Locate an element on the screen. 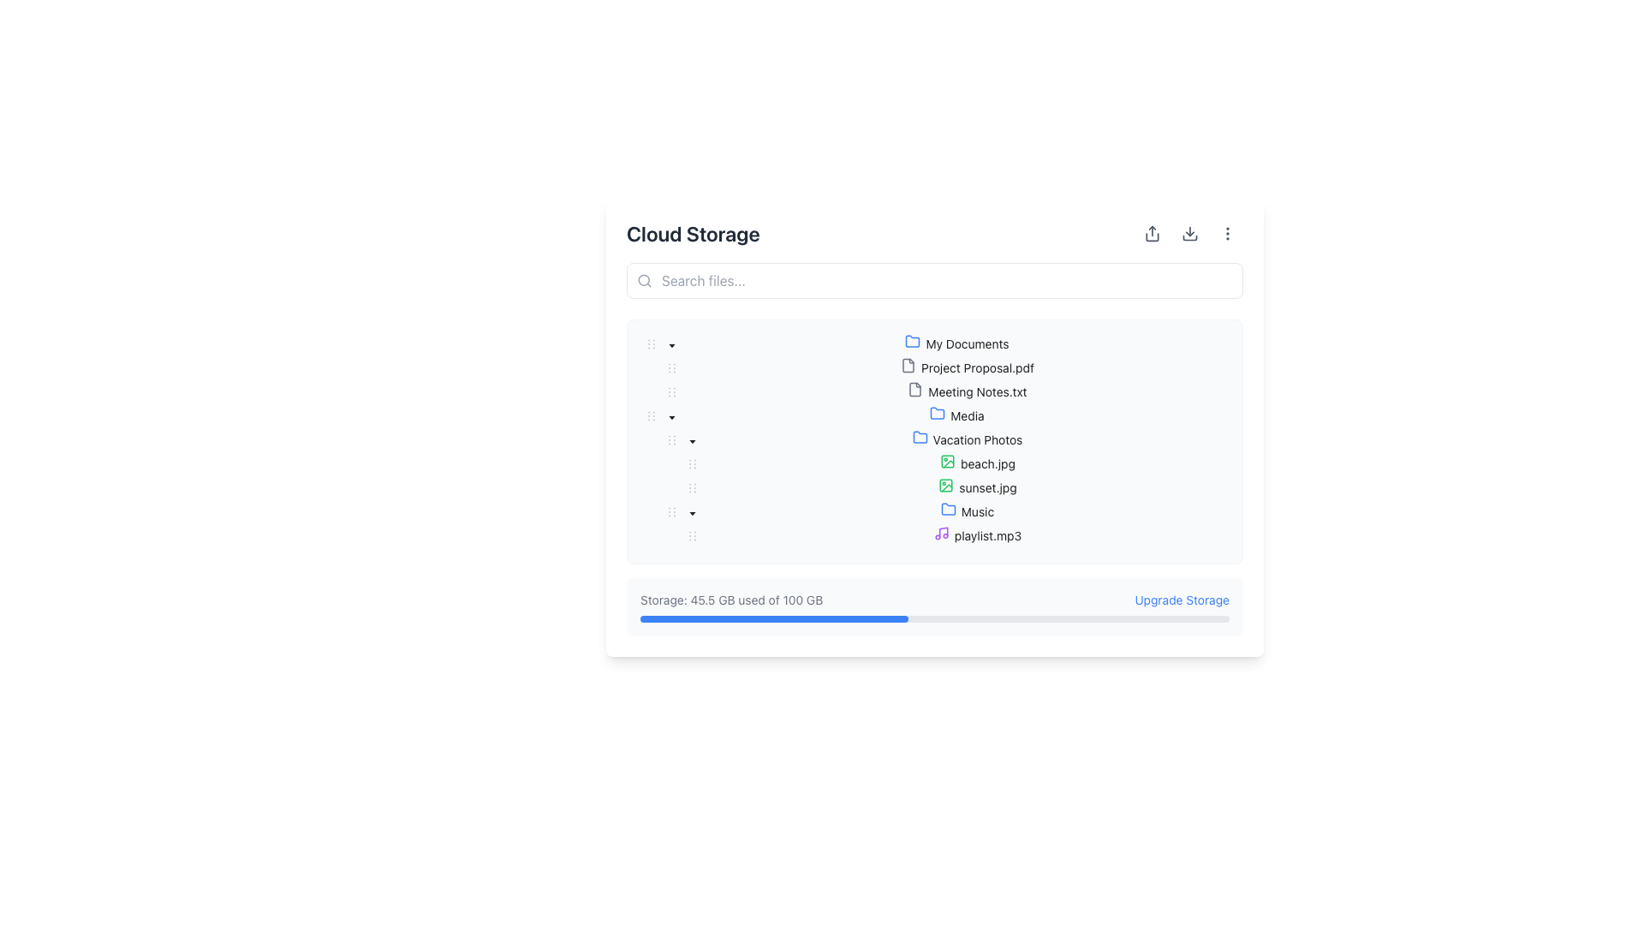 This screenshot has width=1644, height=925. a folder within the Tree View is located at coordinates (933, 441).